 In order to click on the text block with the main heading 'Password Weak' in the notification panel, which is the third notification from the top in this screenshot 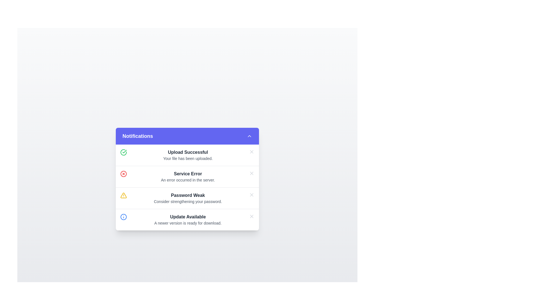, I will do `click(188, 198)`.